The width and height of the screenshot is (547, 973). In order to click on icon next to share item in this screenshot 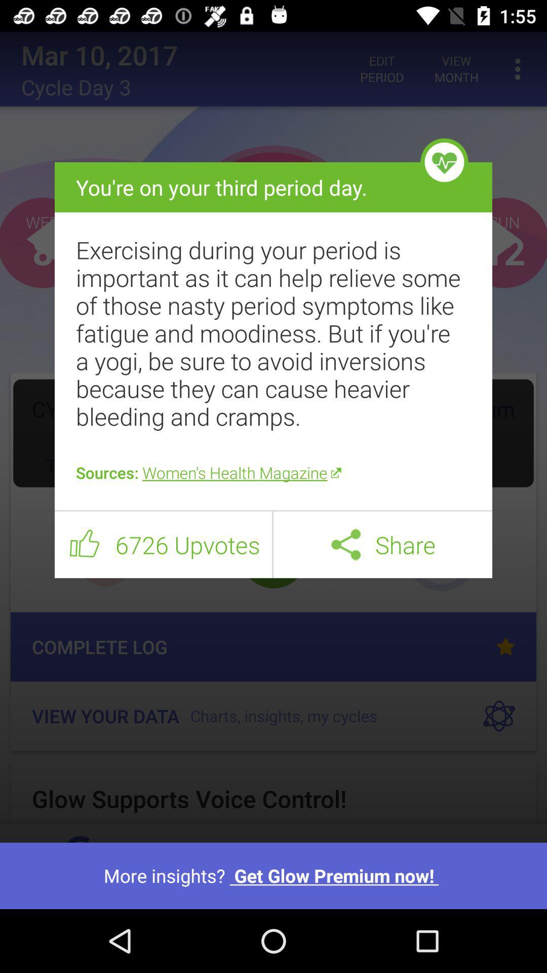, I will do `click(345, 544)`.